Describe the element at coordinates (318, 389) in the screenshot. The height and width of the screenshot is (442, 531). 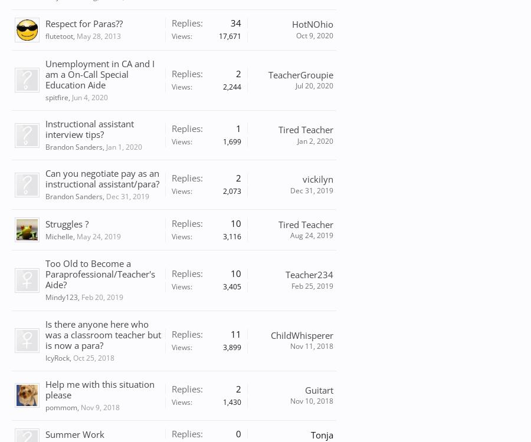
I see `'Guitart'` at that location.